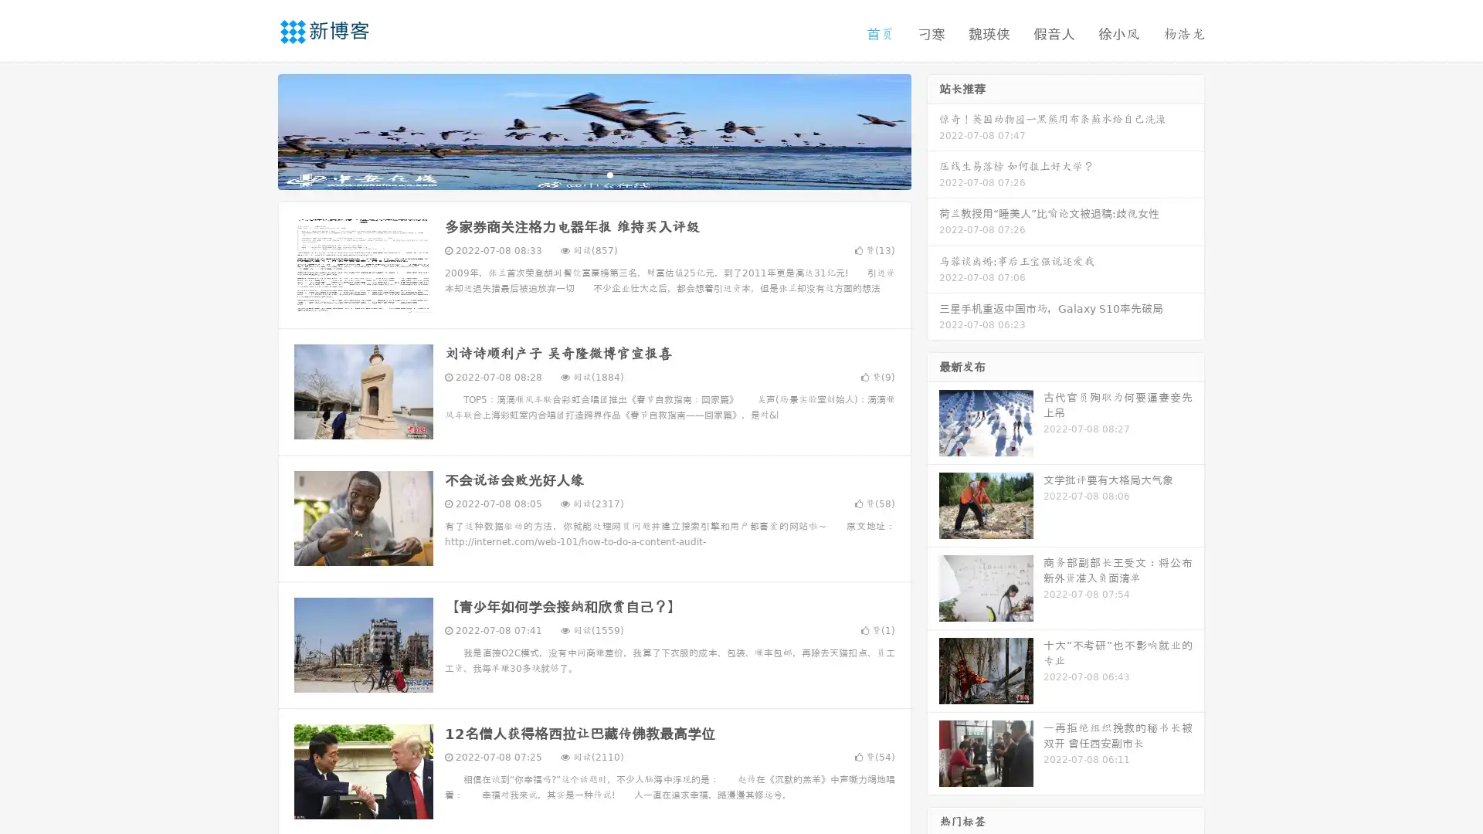 This screenshot has width=1483, height=834. What do you see at coordinates (578, 174) in the screenshot?
I see `Go to slide 1` at bounding box center [578, 174].